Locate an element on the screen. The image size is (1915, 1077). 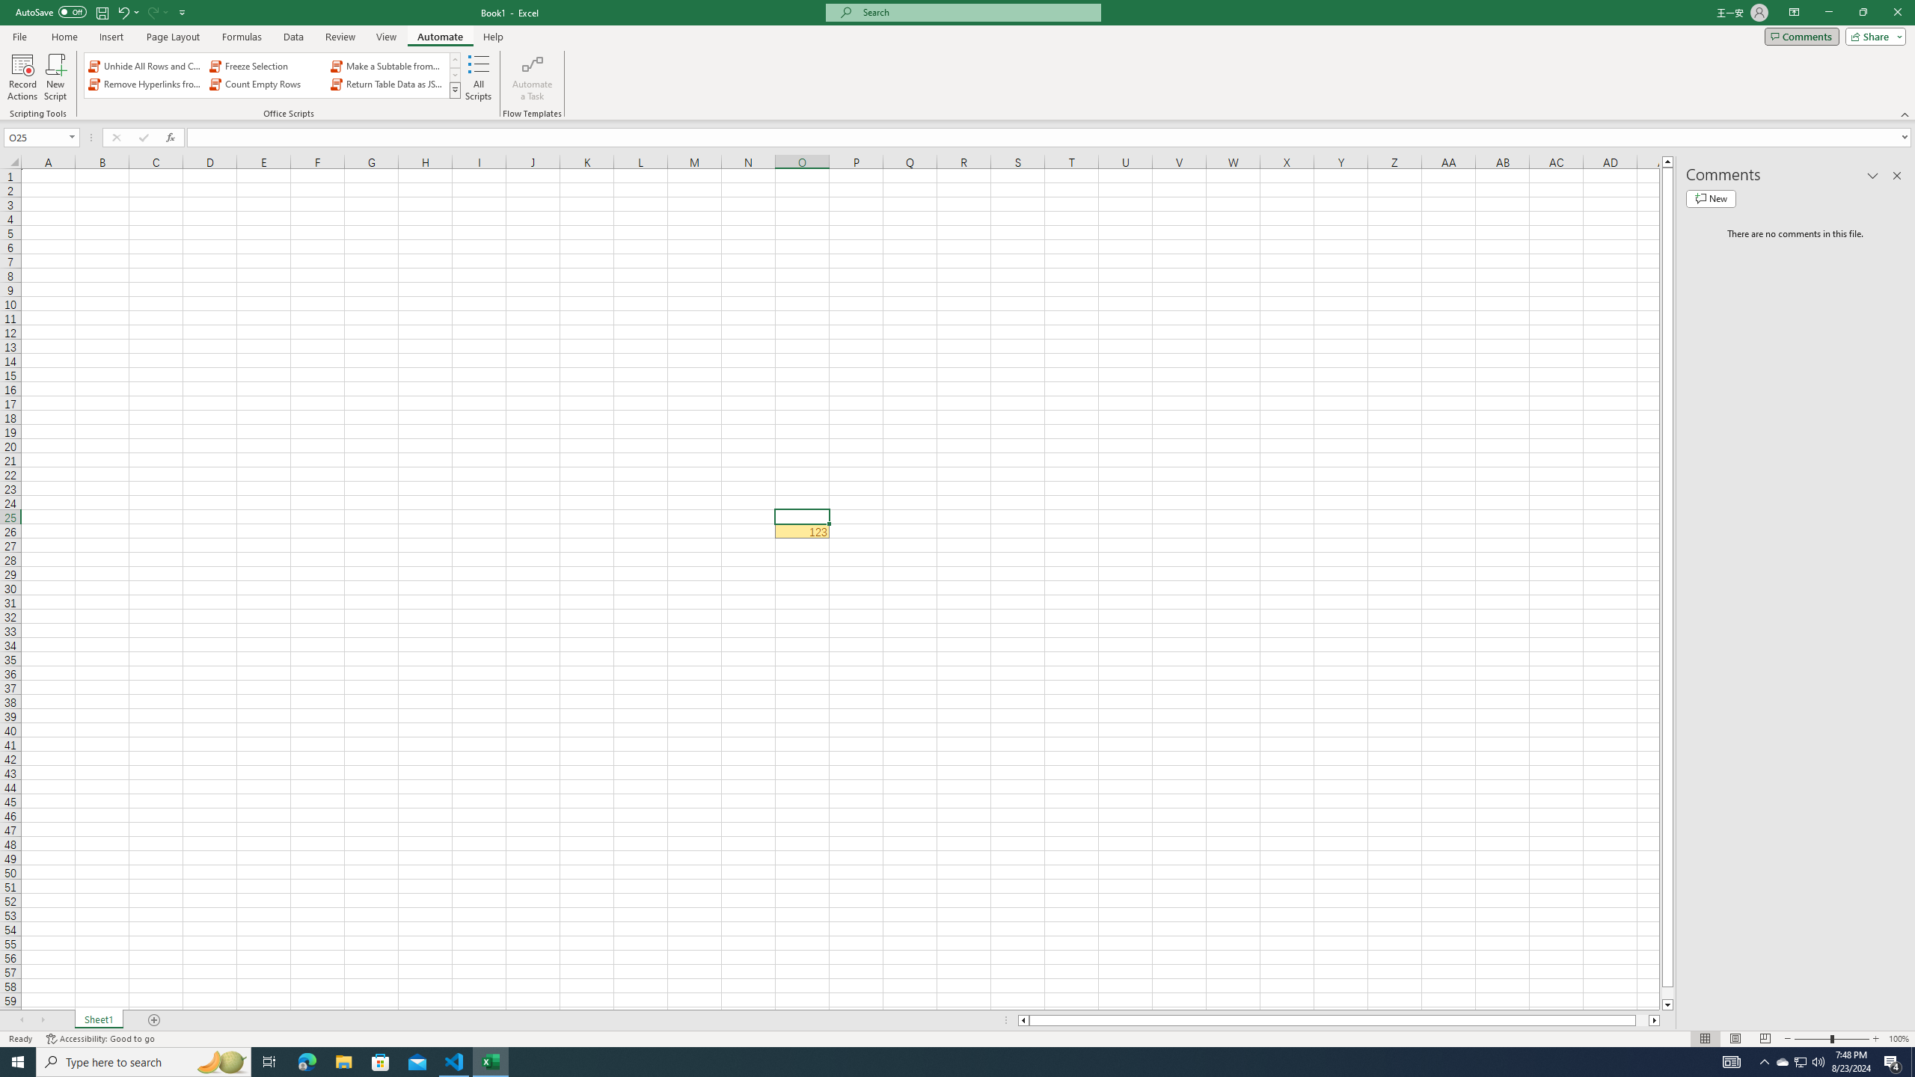
'AutomationID: OfficeScriptsGallery' is located at coordinates (272, 75).